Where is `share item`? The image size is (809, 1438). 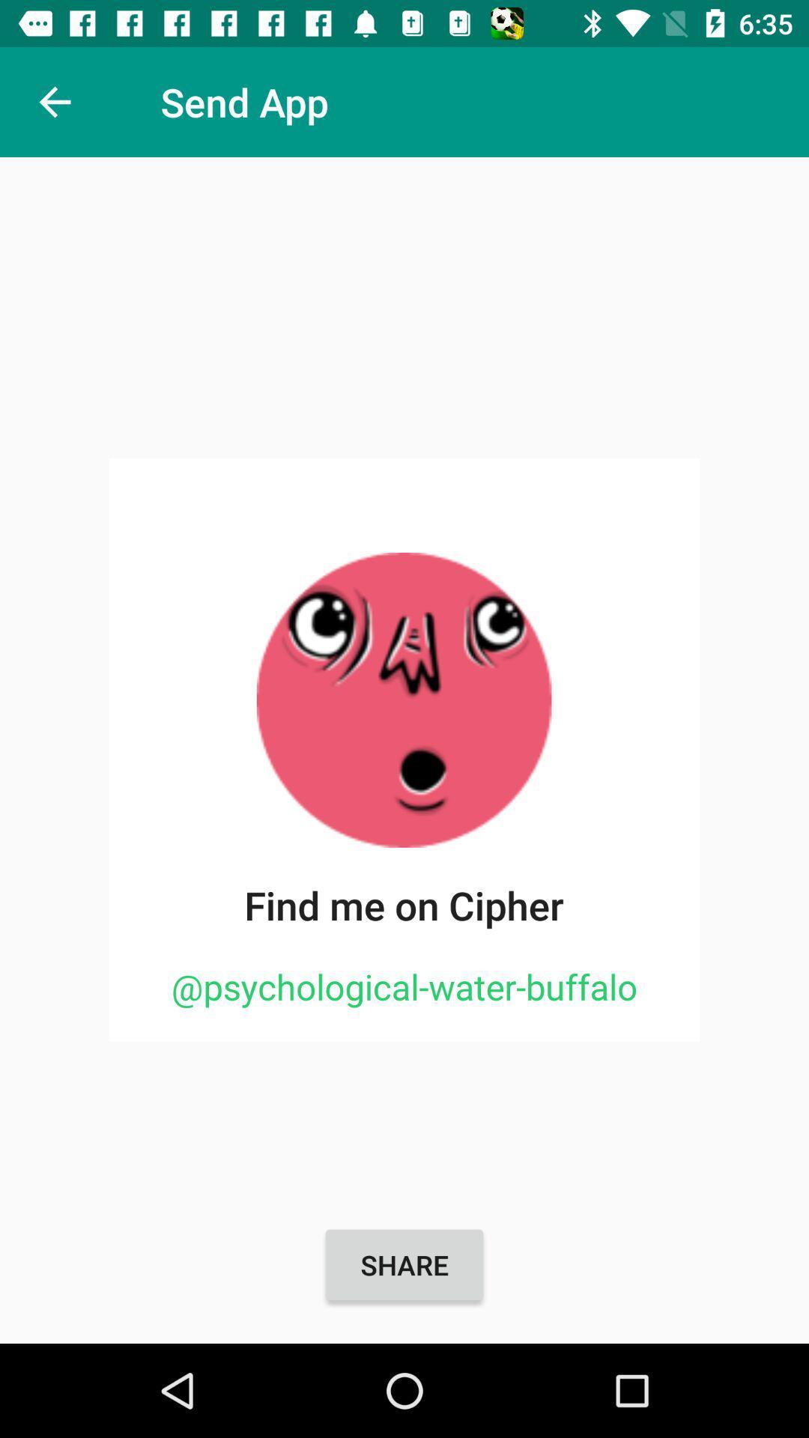 share item is located at coordinates (404, 1264).